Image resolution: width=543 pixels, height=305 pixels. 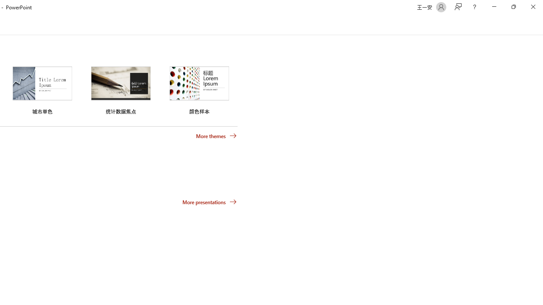 What do you see at coordinates (539, 25) in the screenshot?
I see `'Class: NetUIScrollBar'` at bounding box center [539, 25].